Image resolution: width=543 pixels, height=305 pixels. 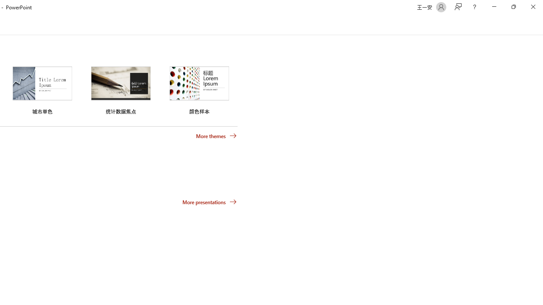 What do you see at coordinates (539, 25) in the screenshot?
I see `'Class: NetUIScrollBar'` at bounding box center [539, 25].